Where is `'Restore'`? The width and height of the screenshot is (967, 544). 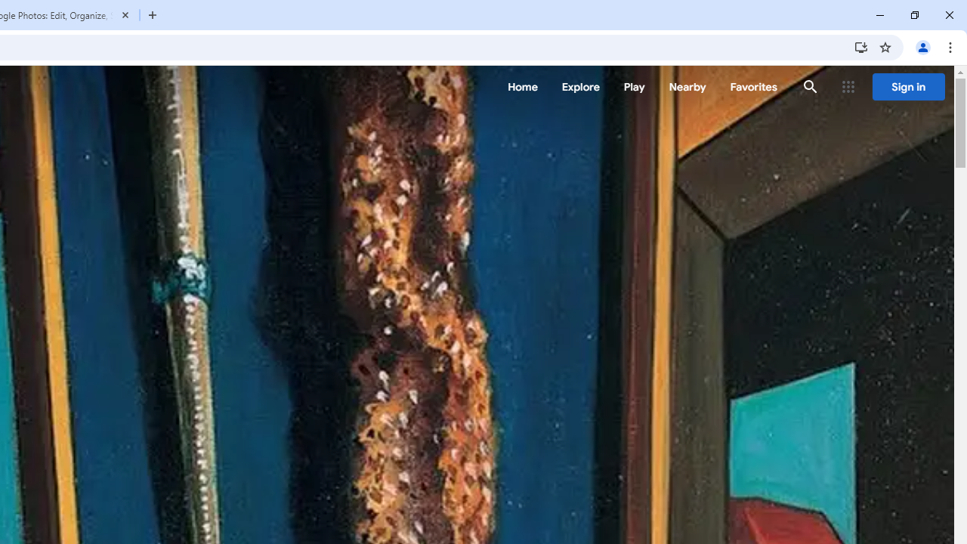
'Restore' is located at coordinates (913, 15).